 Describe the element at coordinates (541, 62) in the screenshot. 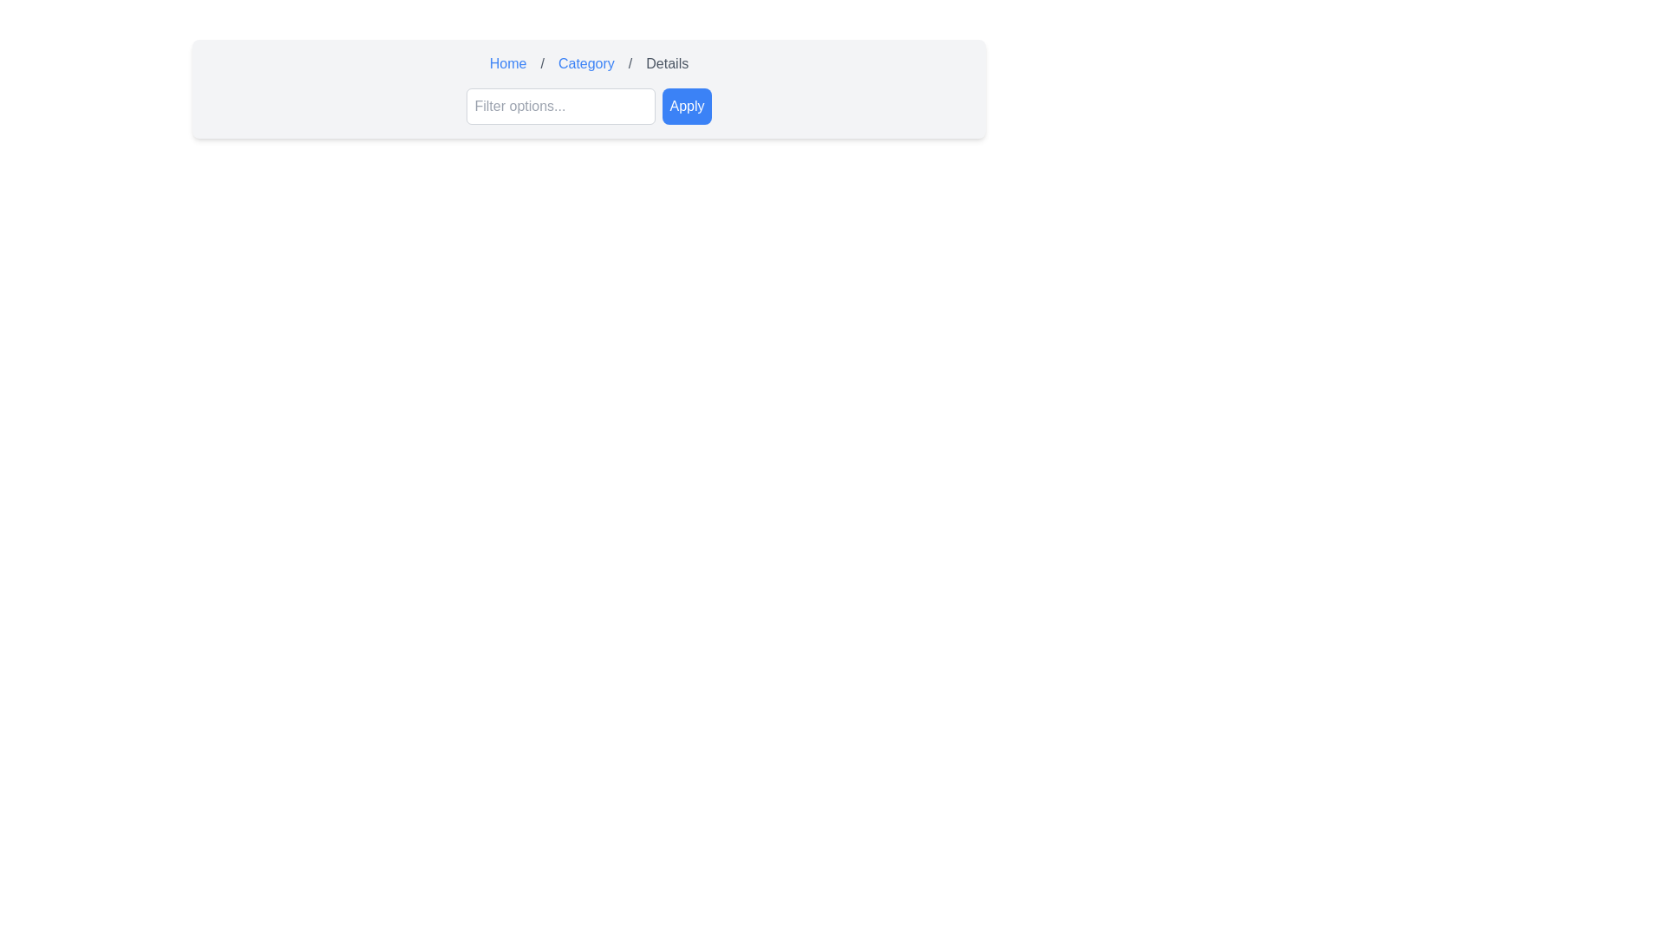

I see `the gray forward slash ('/') character that serves as a separator in the breadcrumb navigation layout, positioned between the 'Home' and 'Category' links` at that location.